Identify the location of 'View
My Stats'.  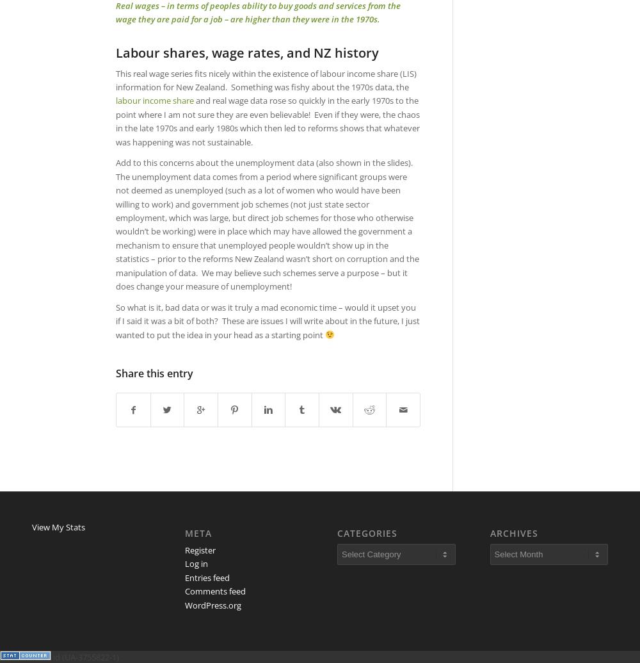
(58, 527).